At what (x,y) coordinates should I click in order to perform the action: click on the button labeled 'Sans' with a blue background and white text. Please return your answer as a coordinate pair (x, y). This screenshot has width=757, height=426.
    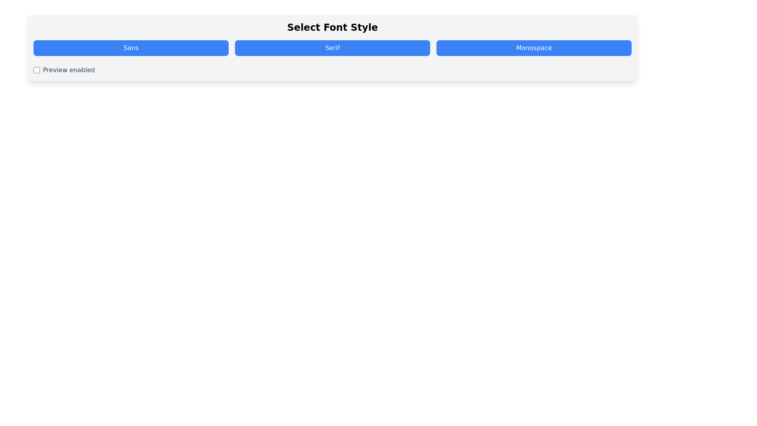
    Looking at the image, I should click on (131, 48).